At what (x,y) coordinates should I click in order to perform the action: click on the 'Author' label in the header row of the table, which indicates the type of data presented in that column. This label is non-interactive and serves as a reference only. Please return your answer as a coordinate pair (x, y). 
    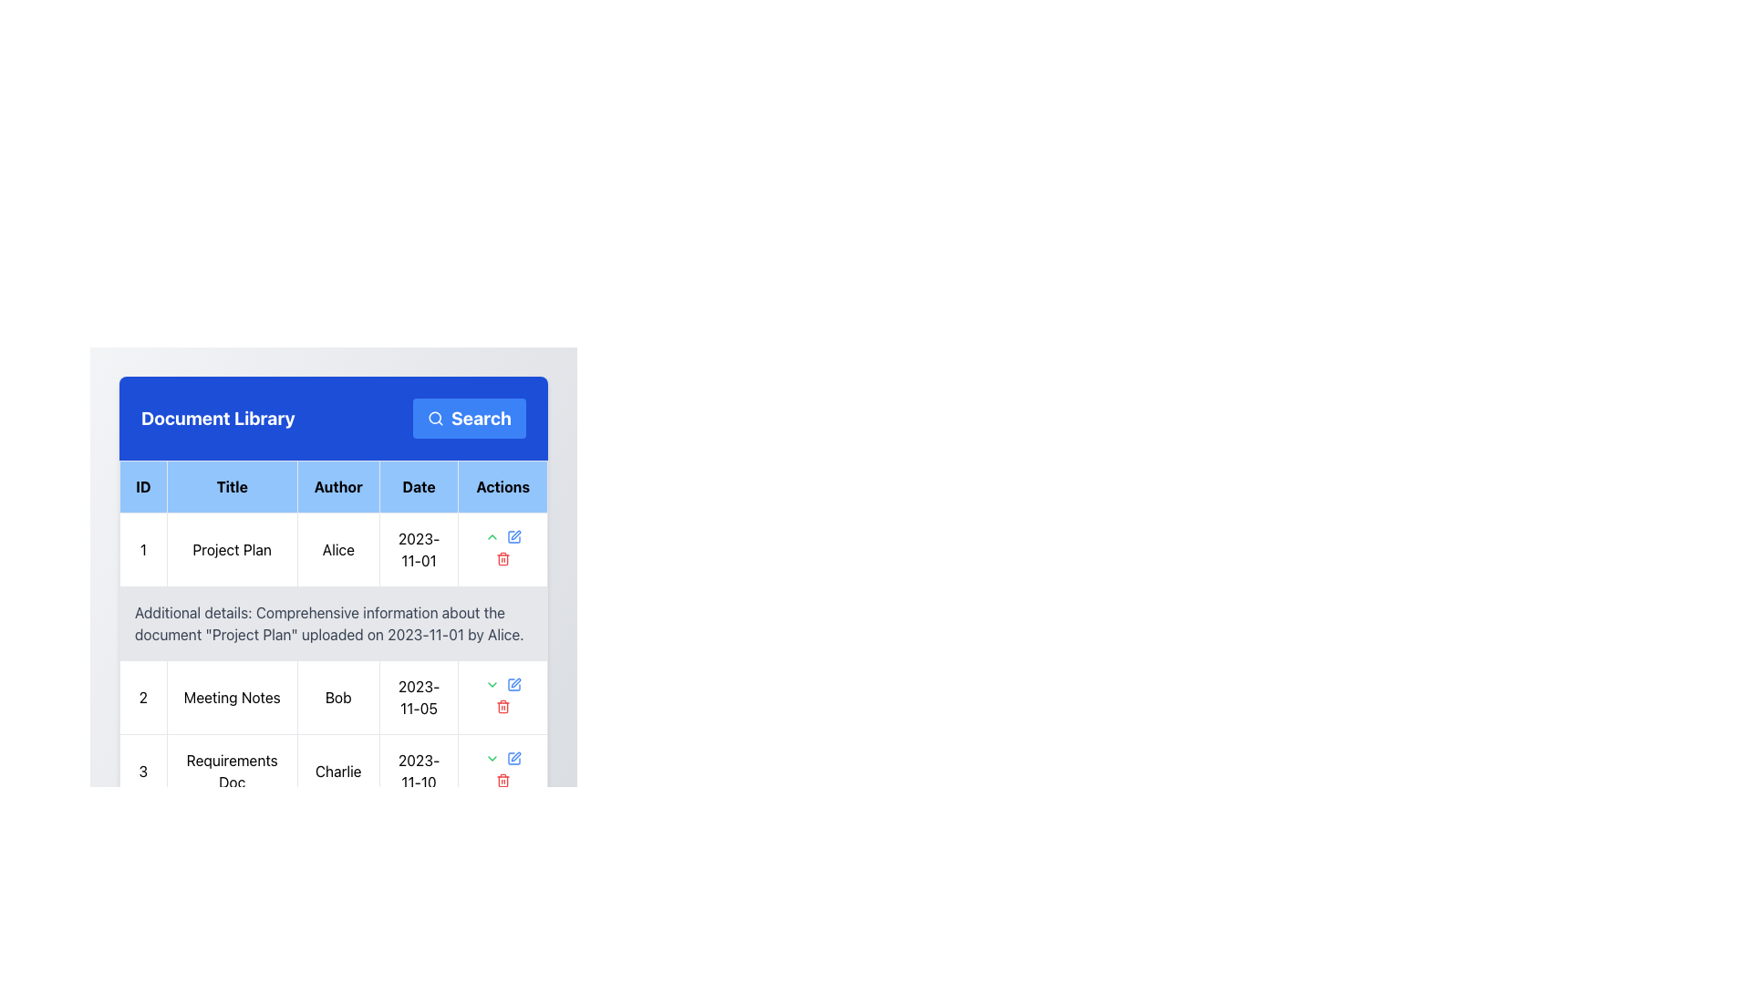
    Looking at the image, I should click on (338, 485).